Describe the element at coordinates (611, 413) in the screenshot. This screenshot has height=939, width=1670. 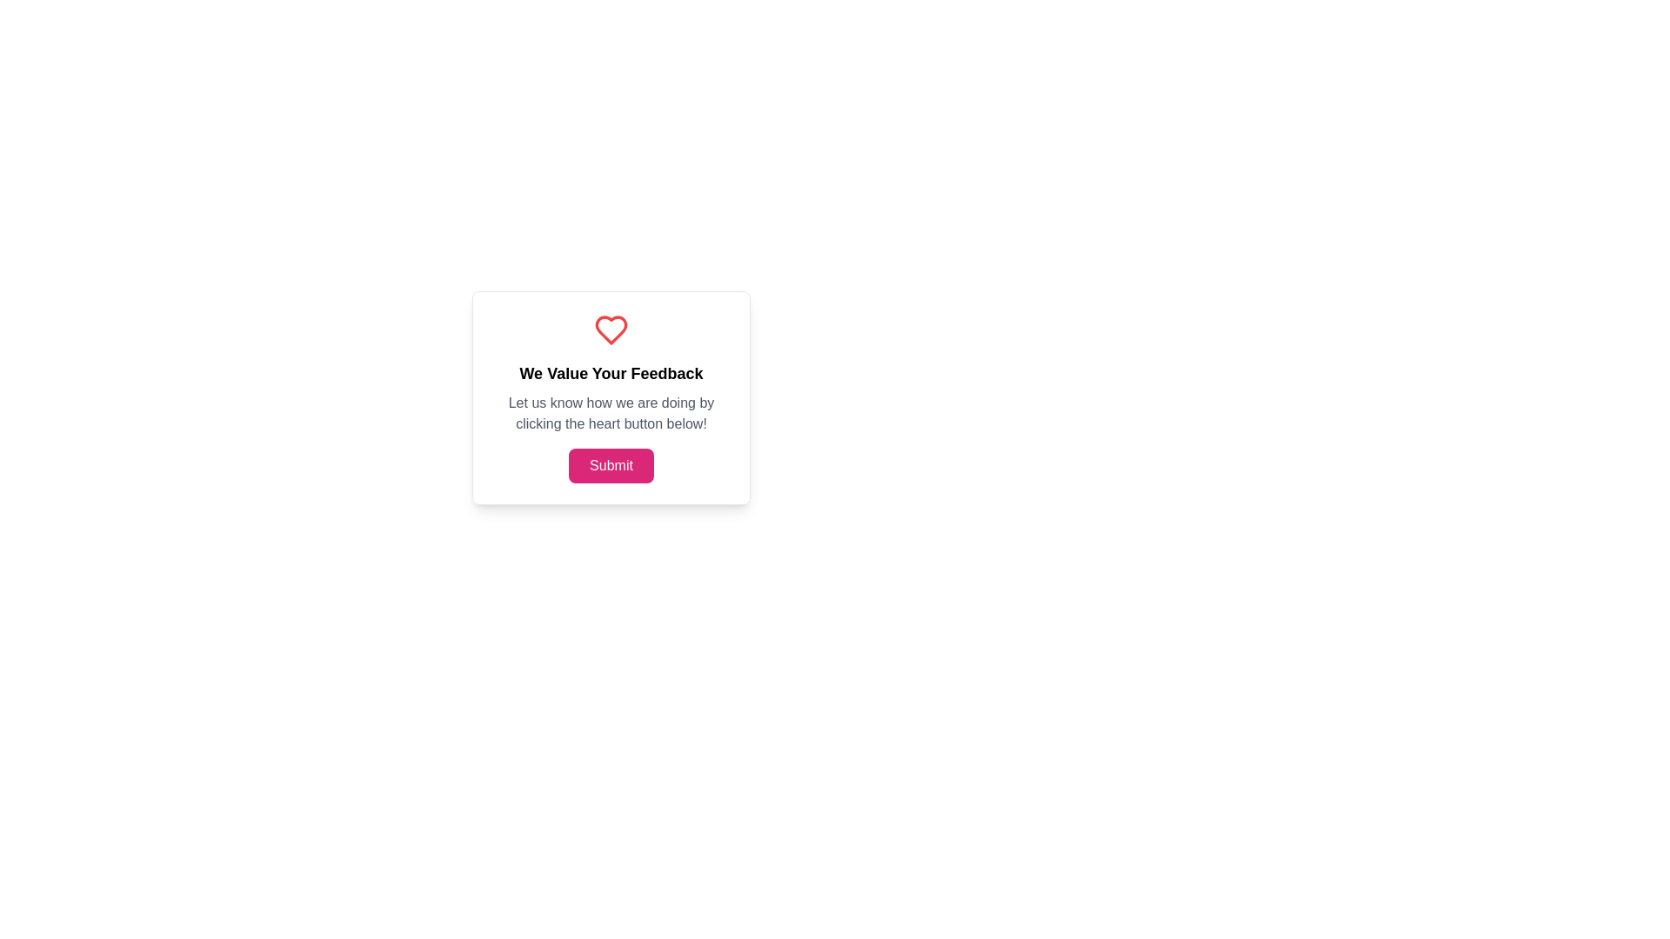
I see `the text block that provides instructions for user feedback, located below the heading 'We Value Your Feedback' and above the pink 'Submit' button` at that location.